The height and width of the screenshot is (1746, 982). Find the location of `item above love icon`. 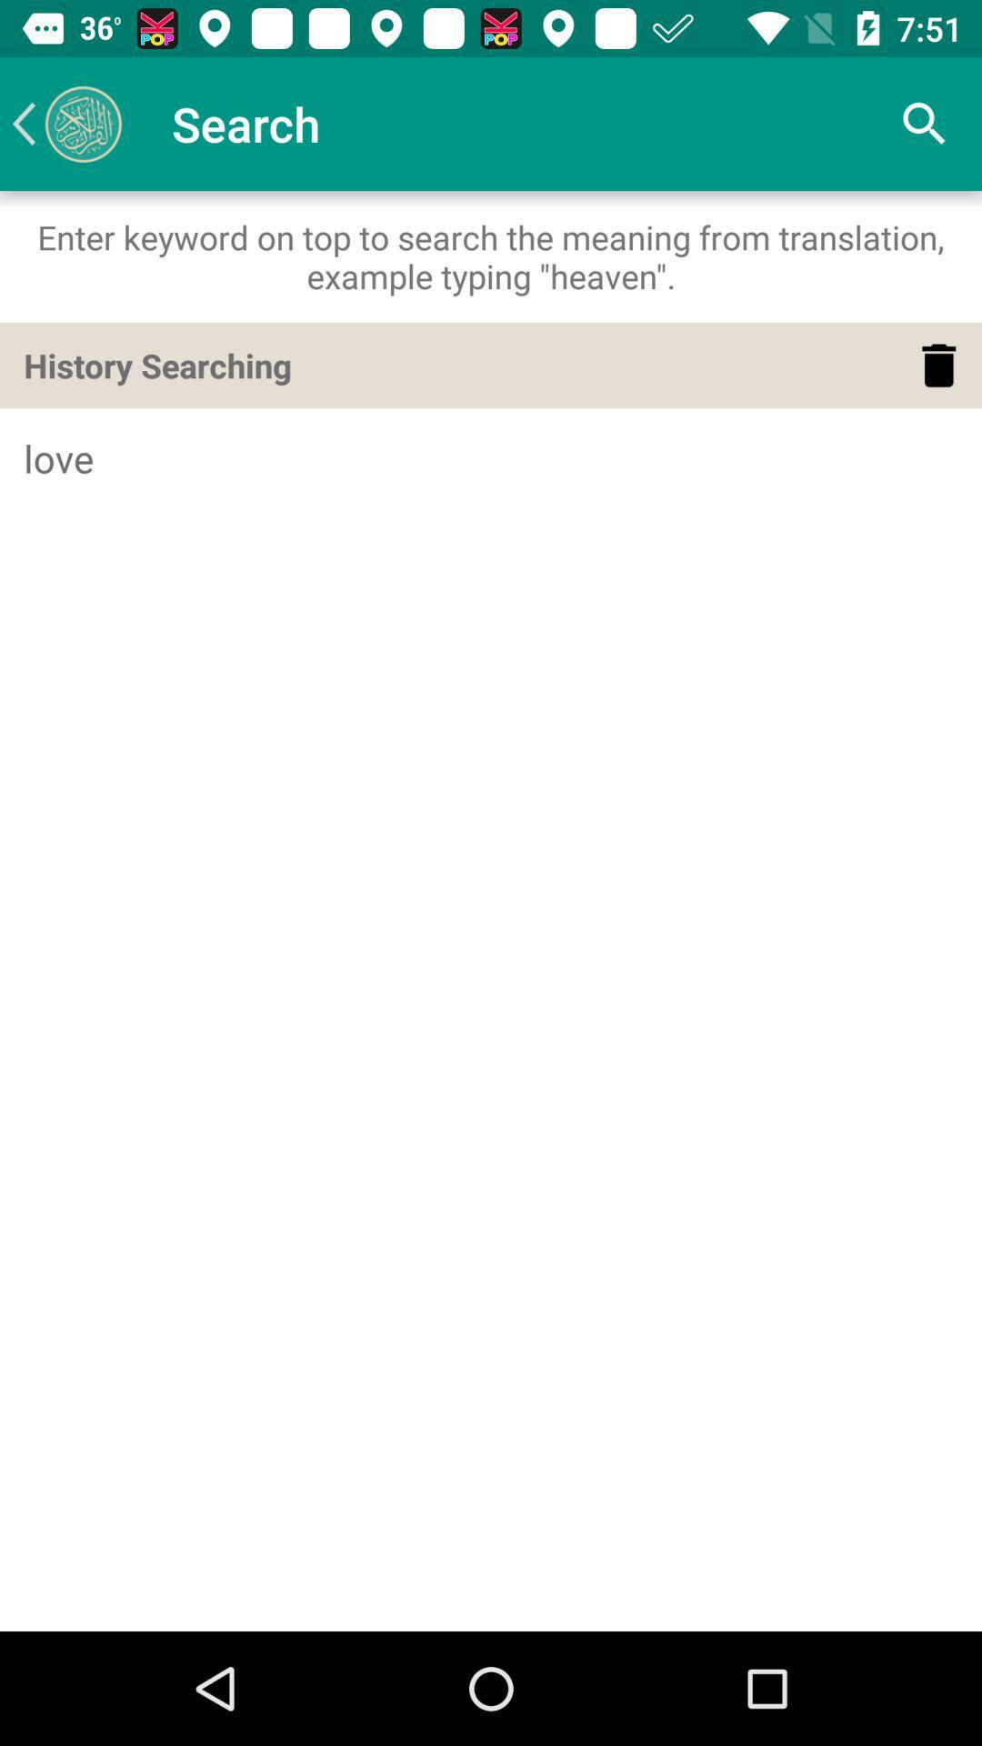

item above love icon is located at coordinates (938, 365).